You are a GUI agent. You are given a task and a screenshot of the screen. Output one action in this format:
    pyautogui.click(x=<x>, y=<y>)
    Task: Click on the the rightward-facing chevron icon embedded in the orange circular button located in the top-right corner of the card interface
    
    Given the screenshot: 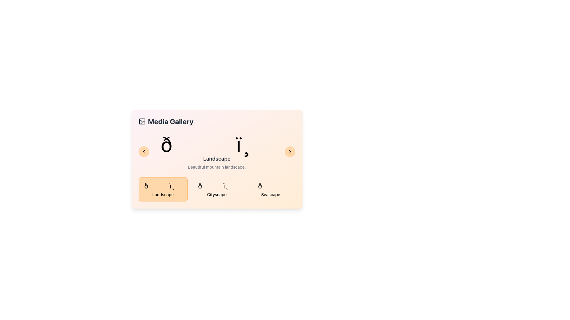 What is the action you would take?
    pyautogui.click(x=290, y=151)
    